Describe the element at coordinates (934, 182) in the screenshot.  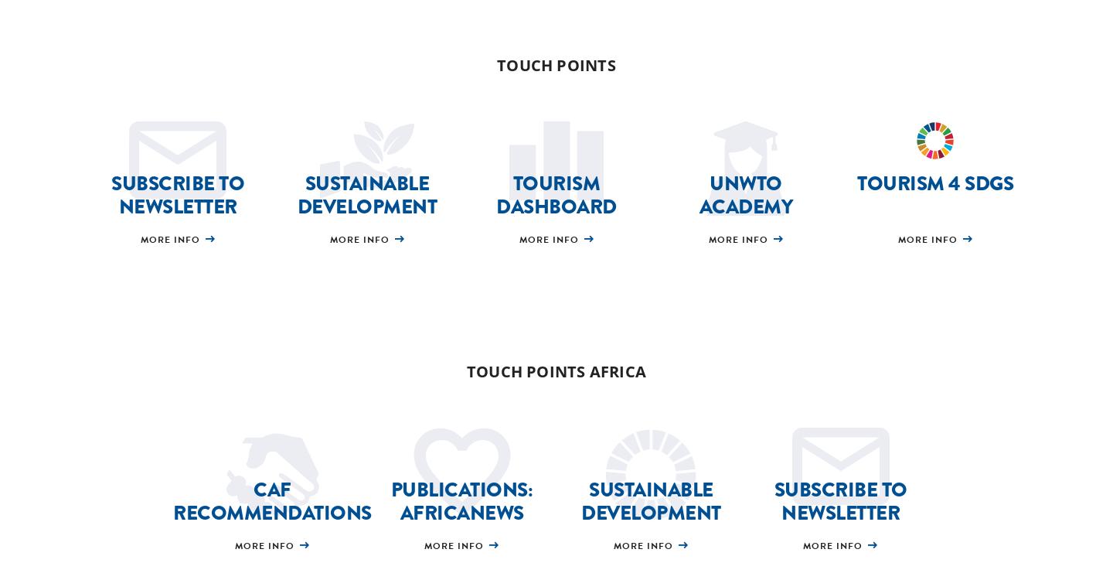
I see `'TOURISM 4 SDGs'` at that location.